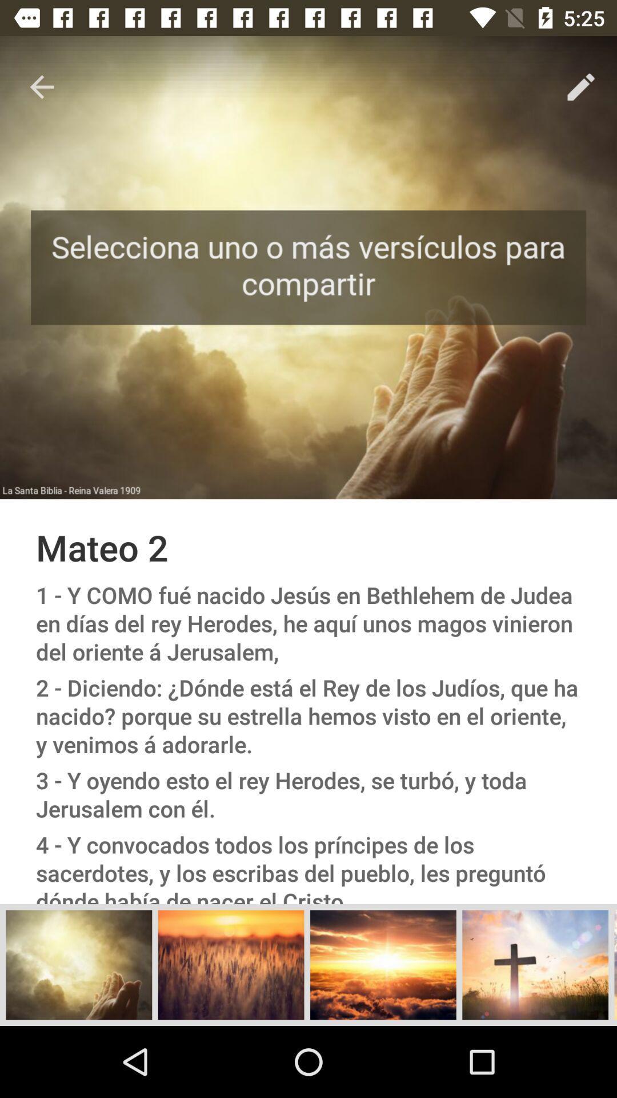  I want to click on the 3 y oyendo icon, so click(308, 794).